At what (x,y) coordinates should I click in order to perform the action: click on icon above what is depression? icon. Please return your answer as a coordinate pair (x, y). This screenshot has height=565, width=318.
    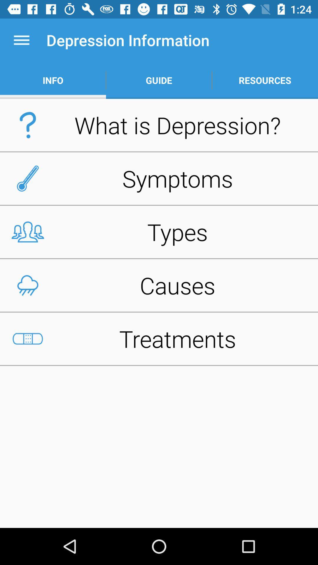
    Looking at the image, I should click on (53, 80).